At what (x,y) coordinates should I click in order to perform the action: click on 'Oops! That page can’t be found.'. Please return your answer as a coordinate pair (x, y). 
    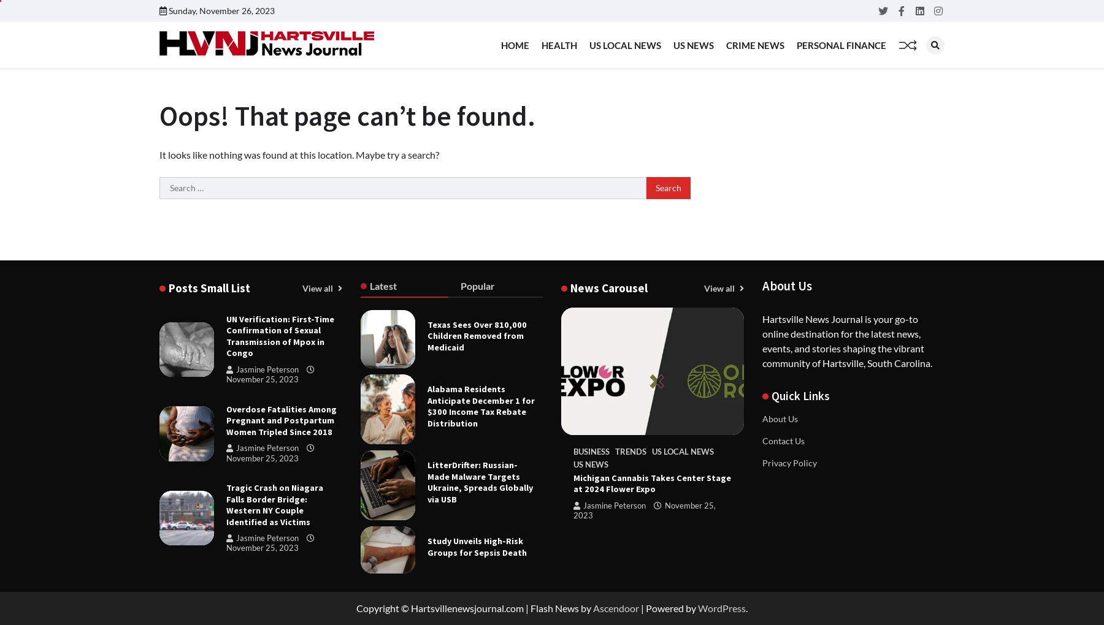
    Looking at the image, I should click on (158, 115).